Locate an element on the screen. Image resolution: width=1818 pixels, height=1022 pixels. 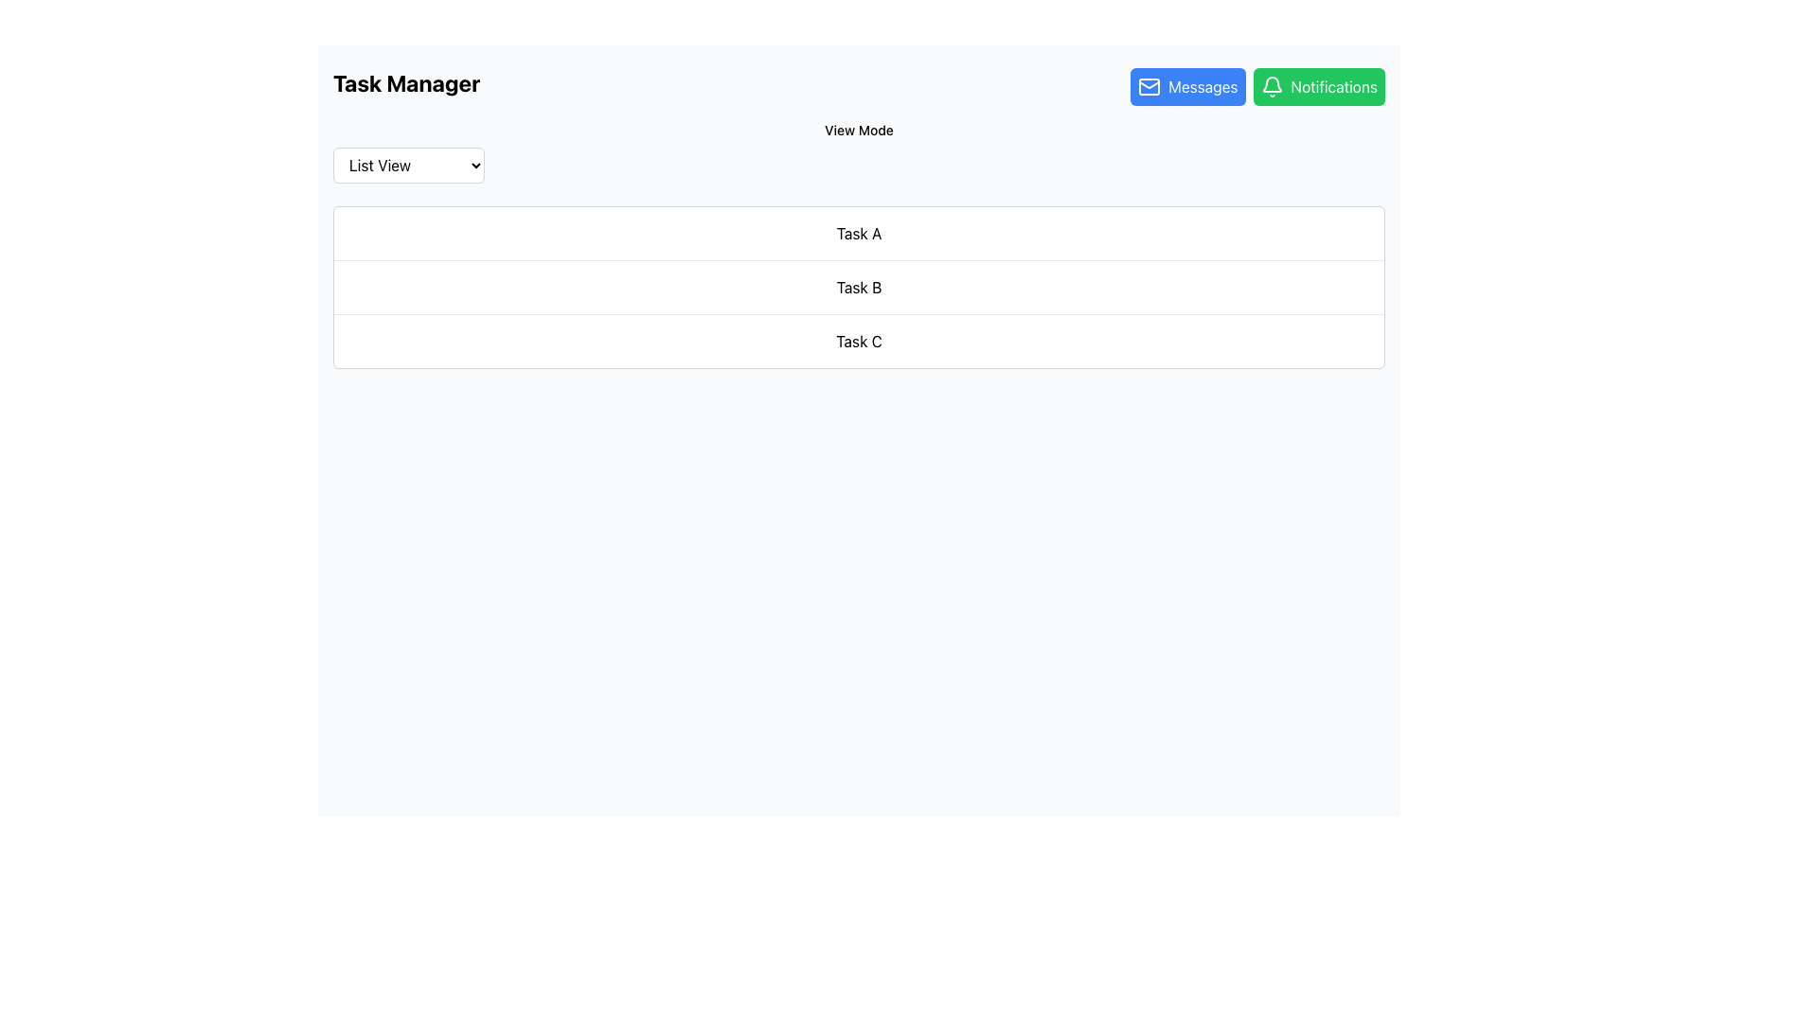
the descriptive text label indicating the dropdown menu for selecting a view mode, which is positioned at the top center of the interface is located at coordinates (858, 130).